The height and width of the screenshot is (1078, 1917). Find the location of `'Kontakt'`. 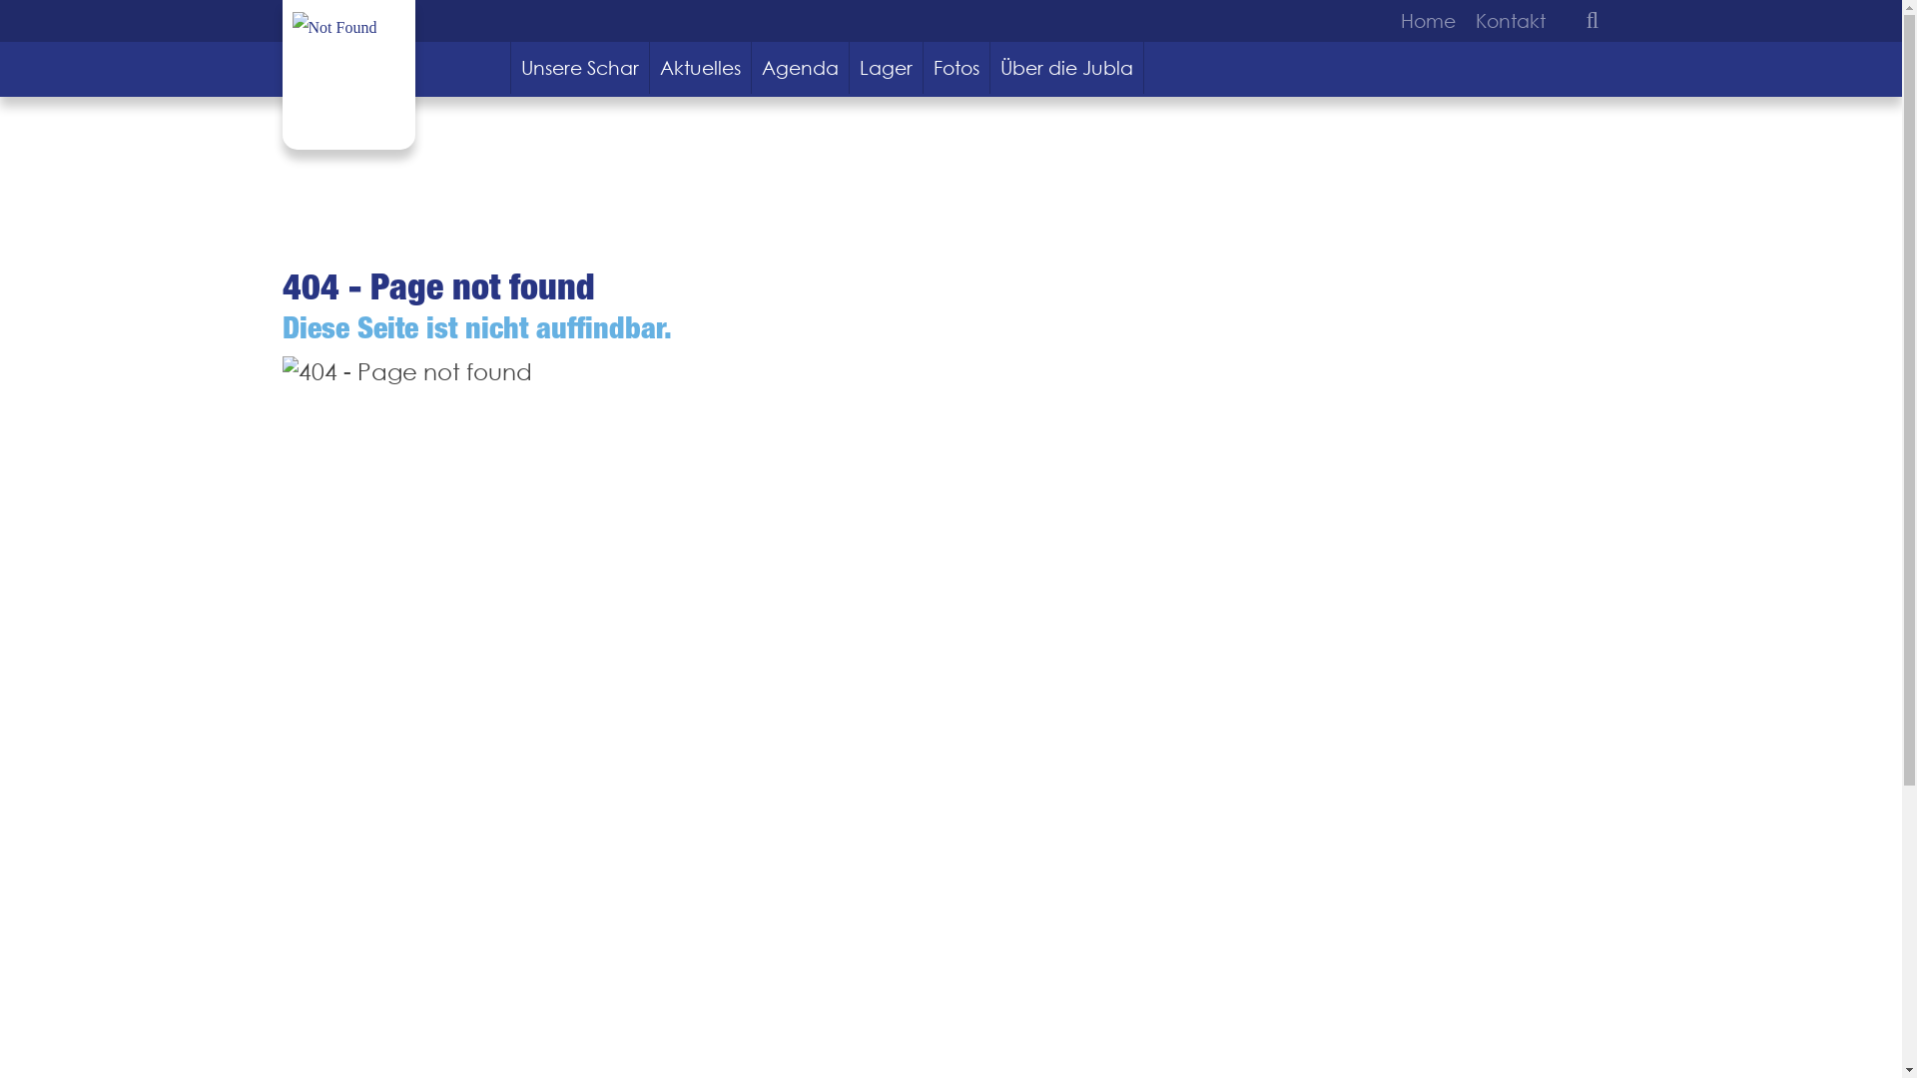

'Kontakt' is located at coordinates (1505, 20).